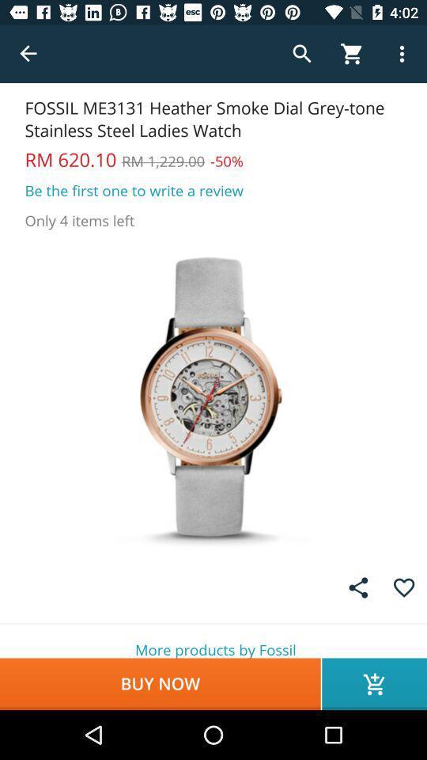 The height and width of the screenshot is (760, 427). Describe the element at coordinates (358, 587) in the screenshot. I see `the share icon` at that location.